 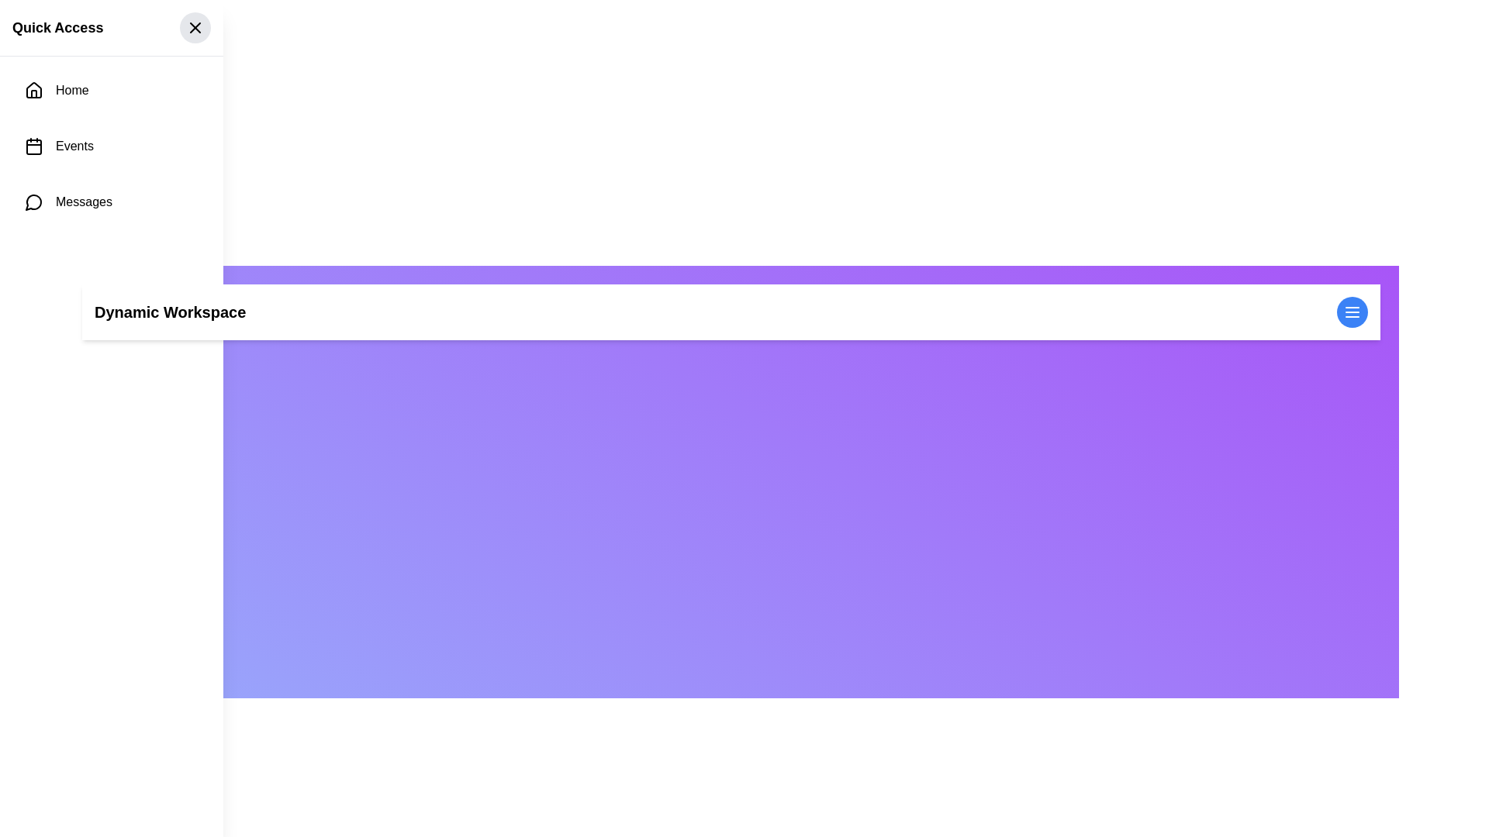 I want to click on the Close button icon located in the top-right corner of the sidebar, so click(x=195, y=27).